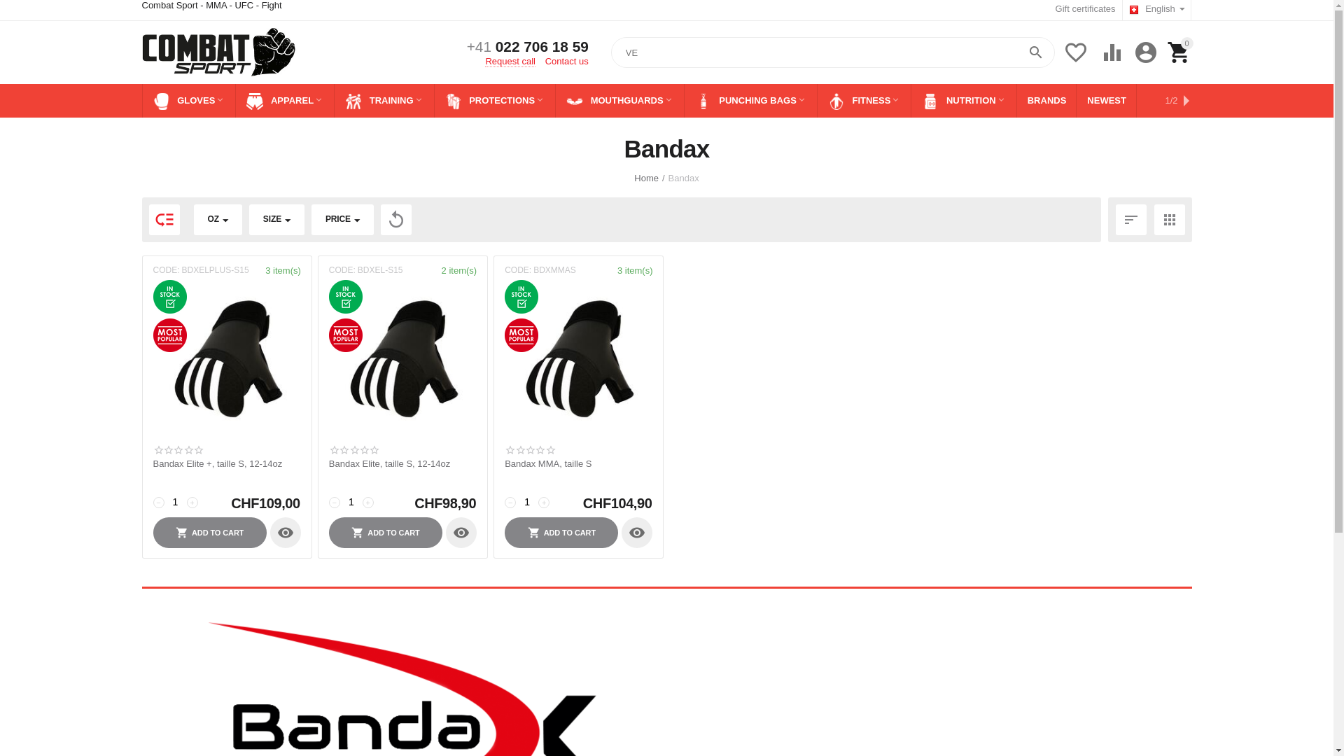 The width and height of the screenshot is (1344, 756). Describe the element at coordinates (402, 359) in the screenshot. I see `'BDXEL-S15-Bandax Elite, taille S, 12-14oz'` at that location.